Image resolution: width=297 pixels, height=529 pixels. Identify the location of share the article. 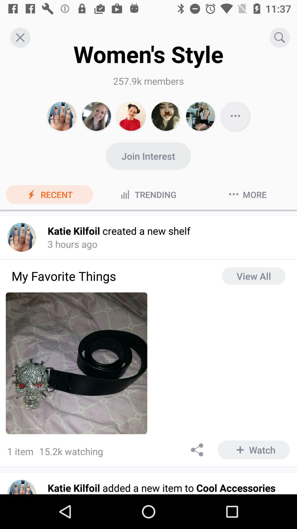
(197, 450).